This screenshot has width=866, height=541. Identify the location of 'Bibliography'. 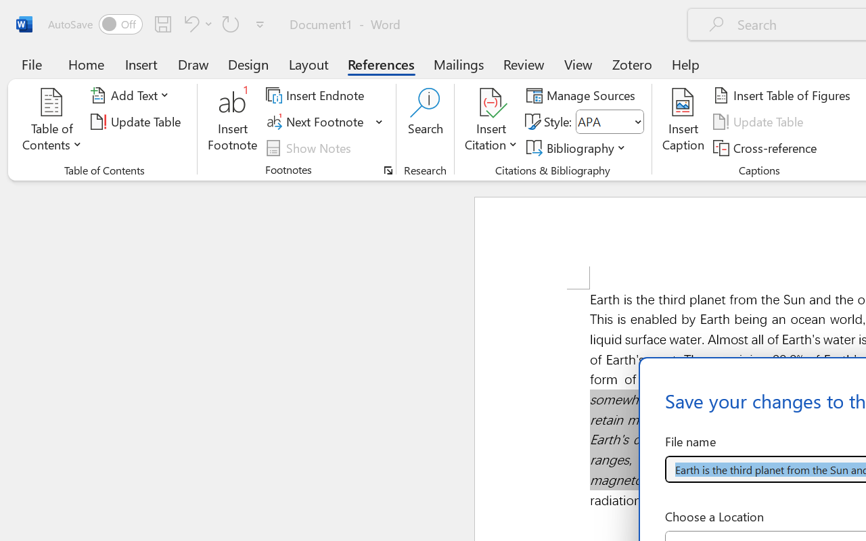
(578, 147).